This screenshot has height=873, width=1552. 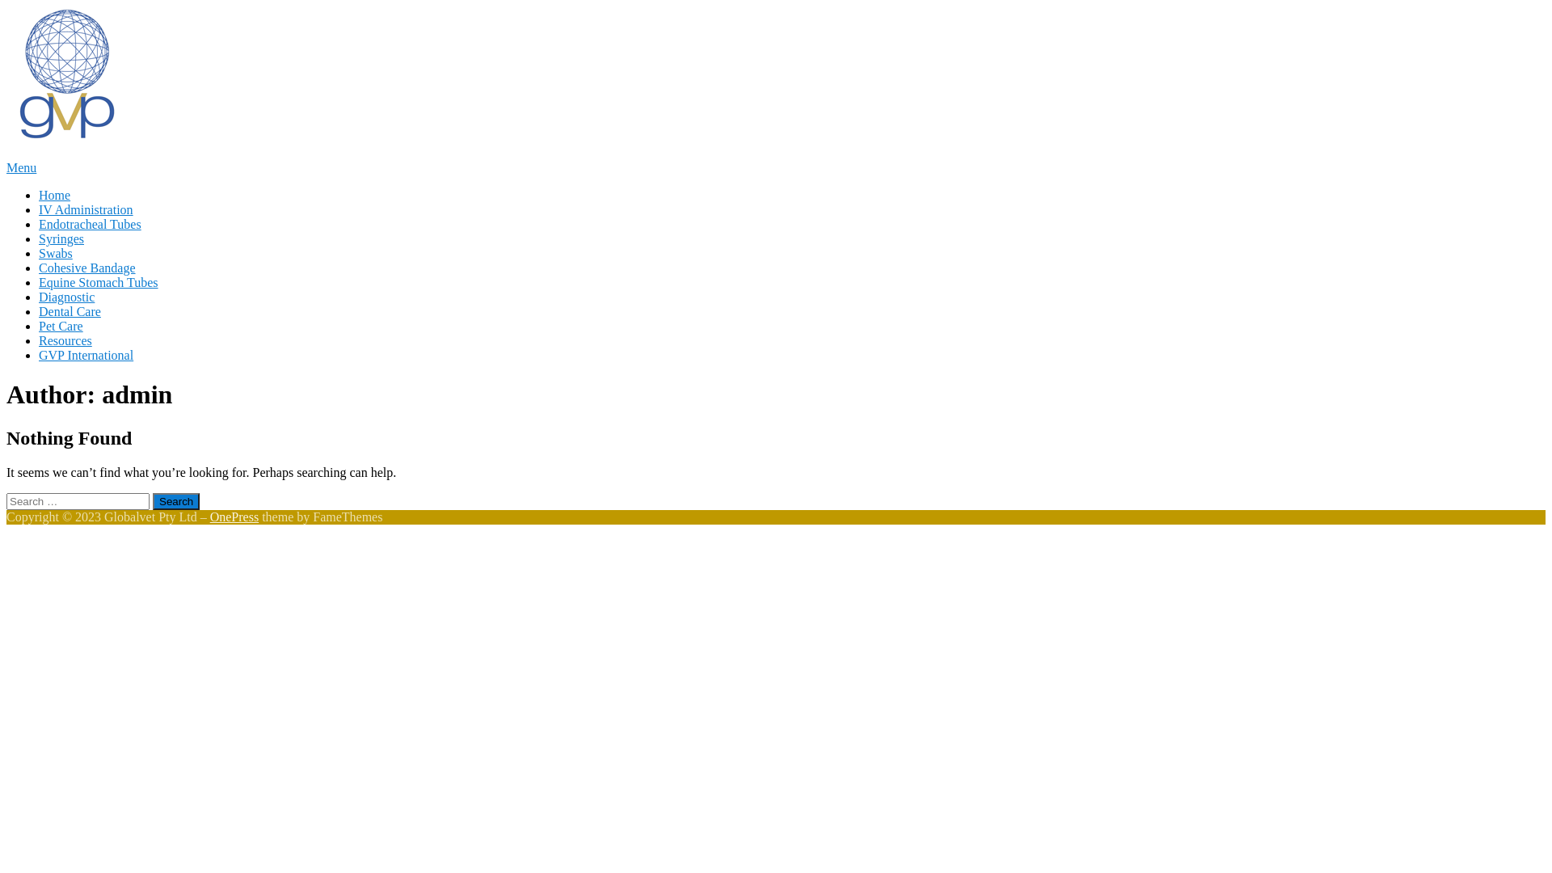 I want to click on 'Menu', so click(x=6, y=167).